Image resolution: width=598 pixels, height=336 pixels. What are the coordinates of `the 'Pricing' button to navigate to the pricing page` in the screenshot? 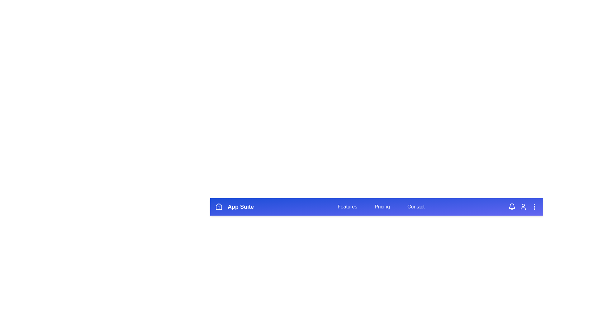 It's located at (382, 207).